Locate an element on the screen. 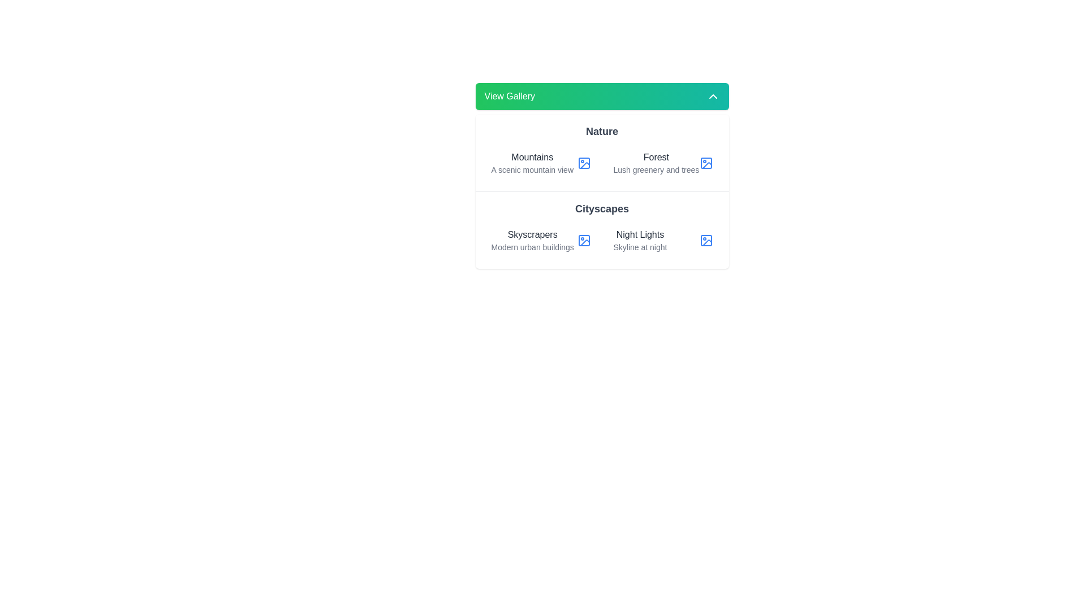  the image icon located in the top-left section of the 'Nature' category, adjacent to the text 'Mountains' and the description 'A scenic mountain view.' is located at coordinates (584, 163).